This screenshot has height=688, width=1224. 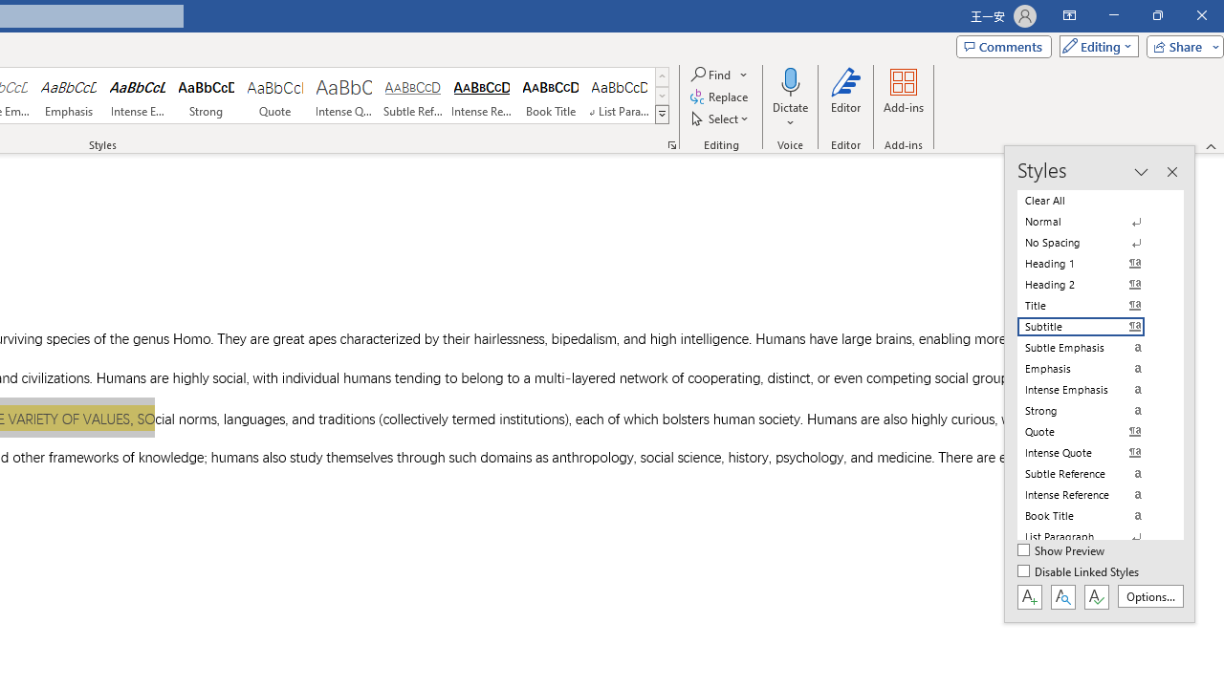 I want to click on 'Intense Reference', so click(x=482, y=96).